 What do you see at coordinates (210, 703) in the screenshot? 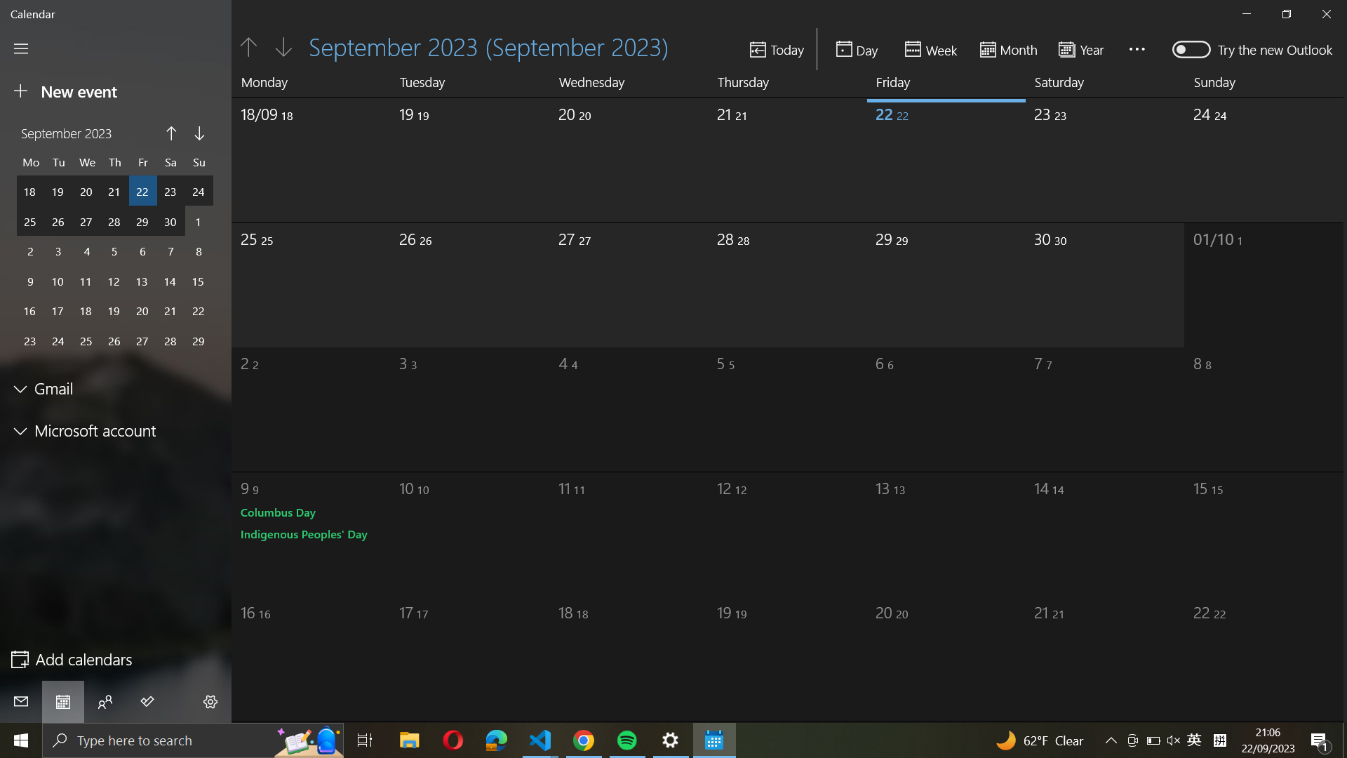
I see `Scroll upward in the menu` at bounding box center [210, 703].